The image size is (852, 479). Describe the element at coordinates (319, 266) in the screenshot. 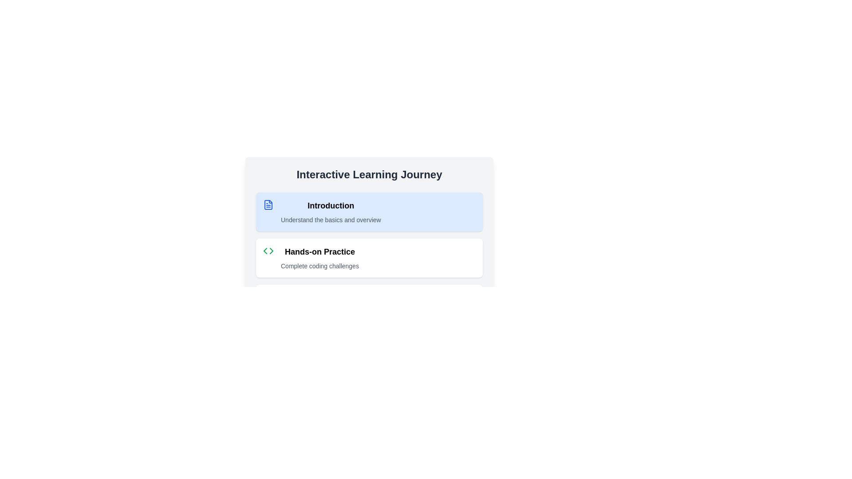

I see `the non-interactive text label that provides supplementary information for the 'Hands-on Practice' section, located below the main heading` at that location.